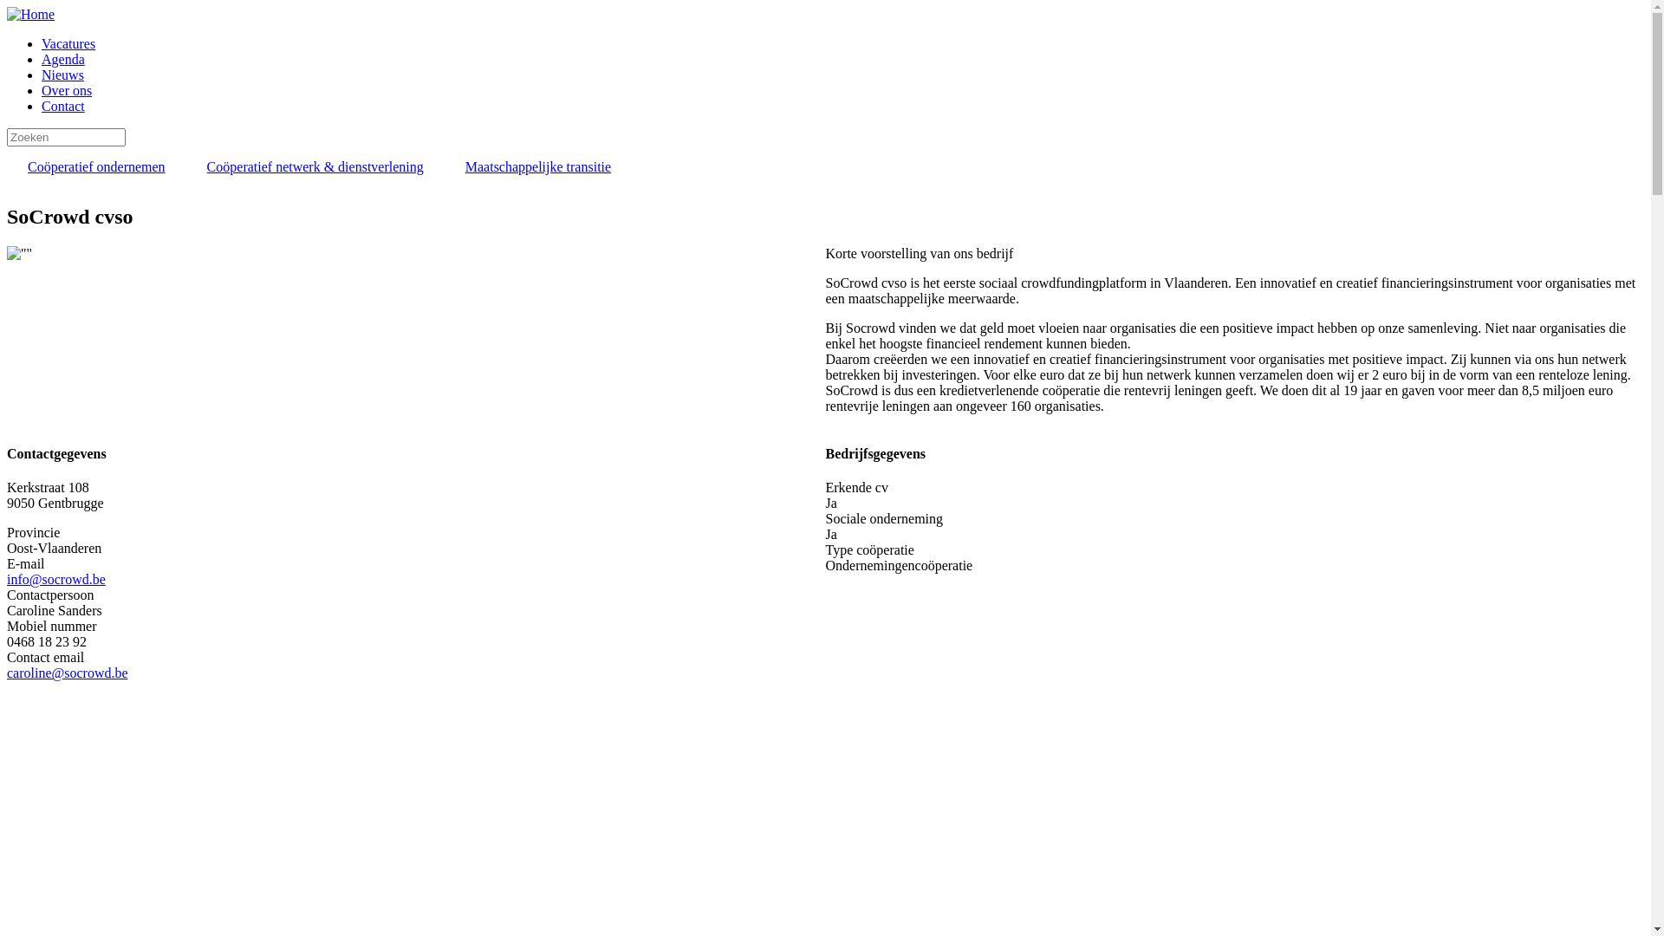  I want to click on 'Maatschappelijke transitie', so click(536, 166).